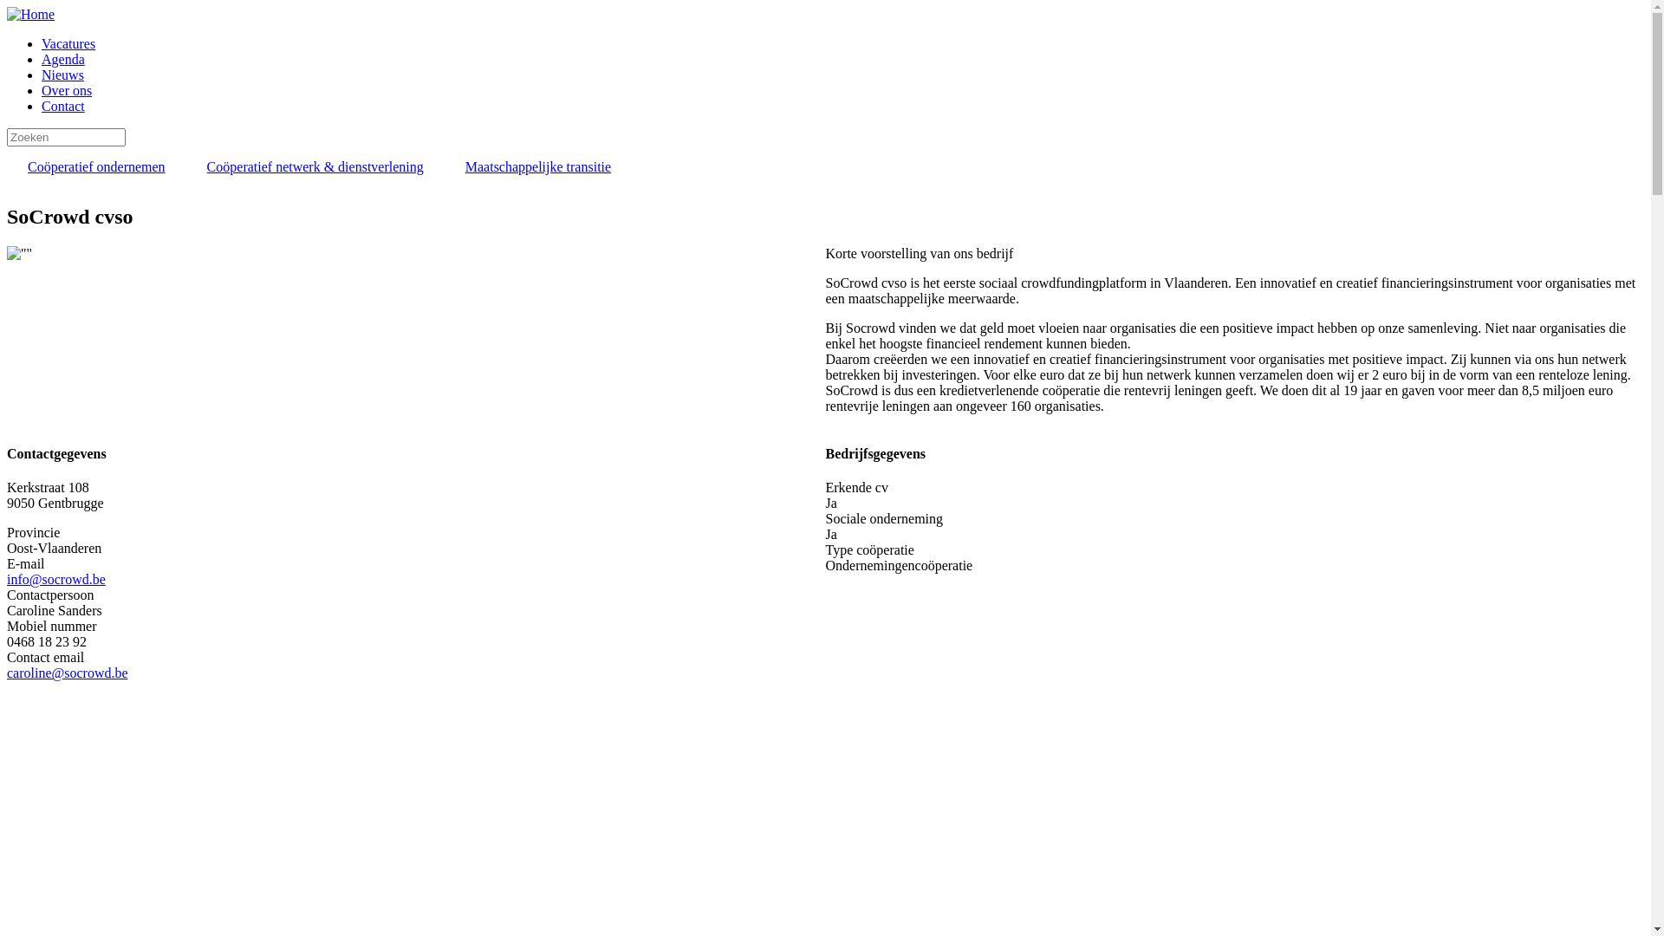  I want to click on 'Maatschappelijke transitie', so click(536, 166).